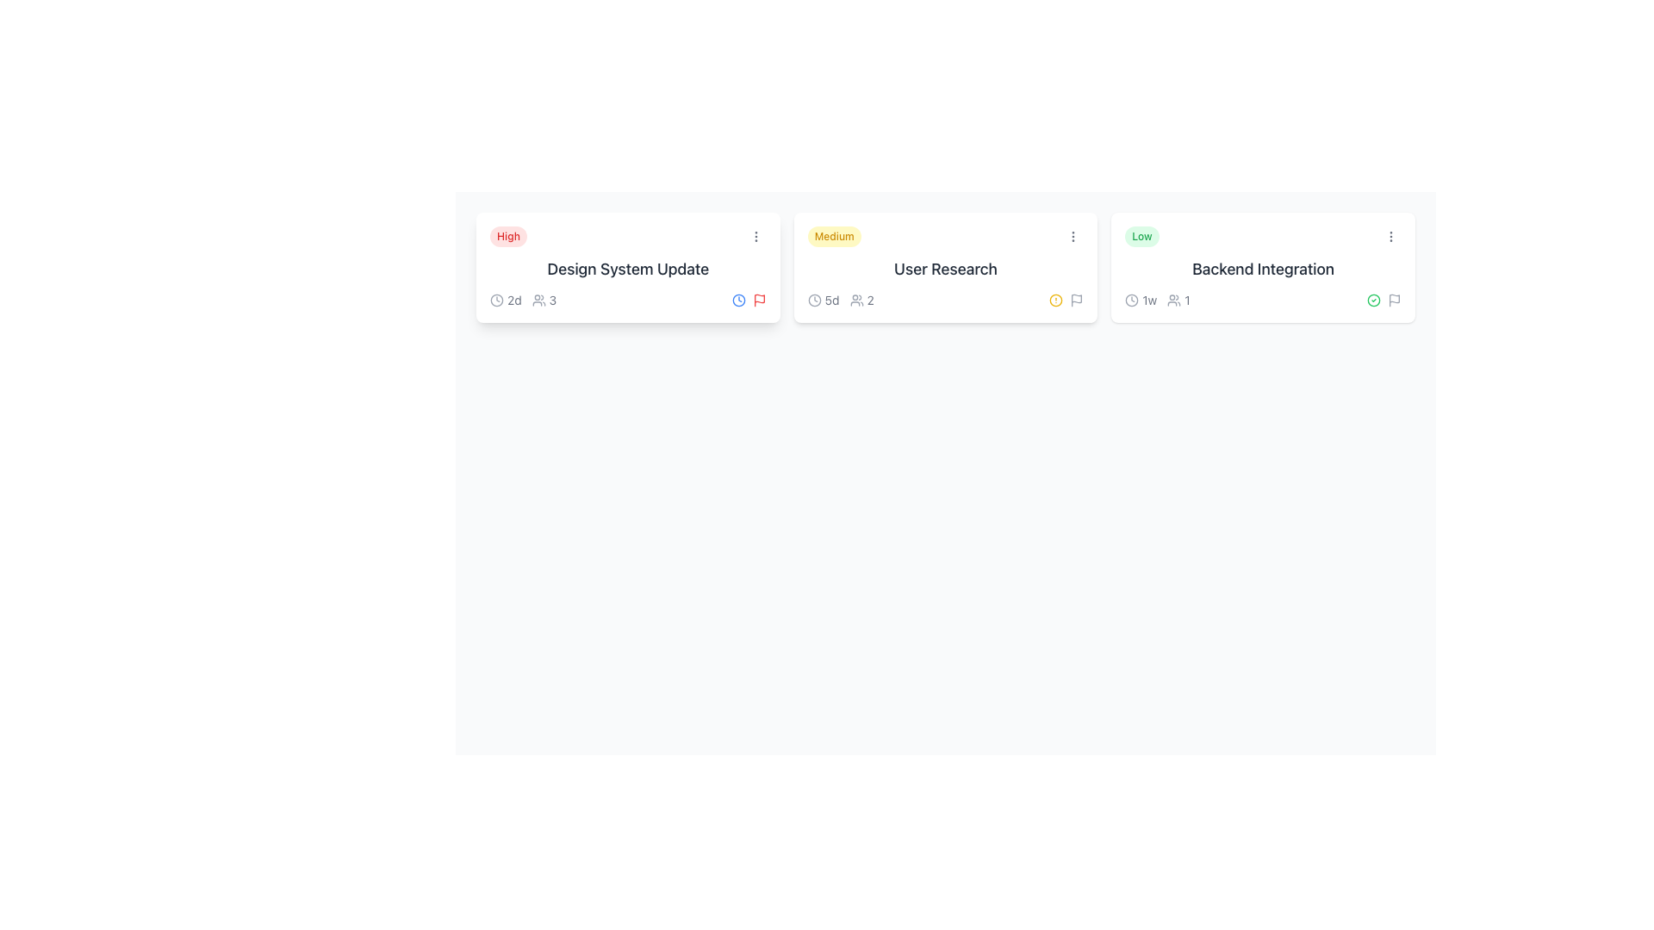  Describe the element at coordinates (1076, 299) in the screenshot. I see `the flag icon located at the bottom-right of the 'User Research' card, which is the second icon to the right of a yellow circle with a warning icon` at that location.